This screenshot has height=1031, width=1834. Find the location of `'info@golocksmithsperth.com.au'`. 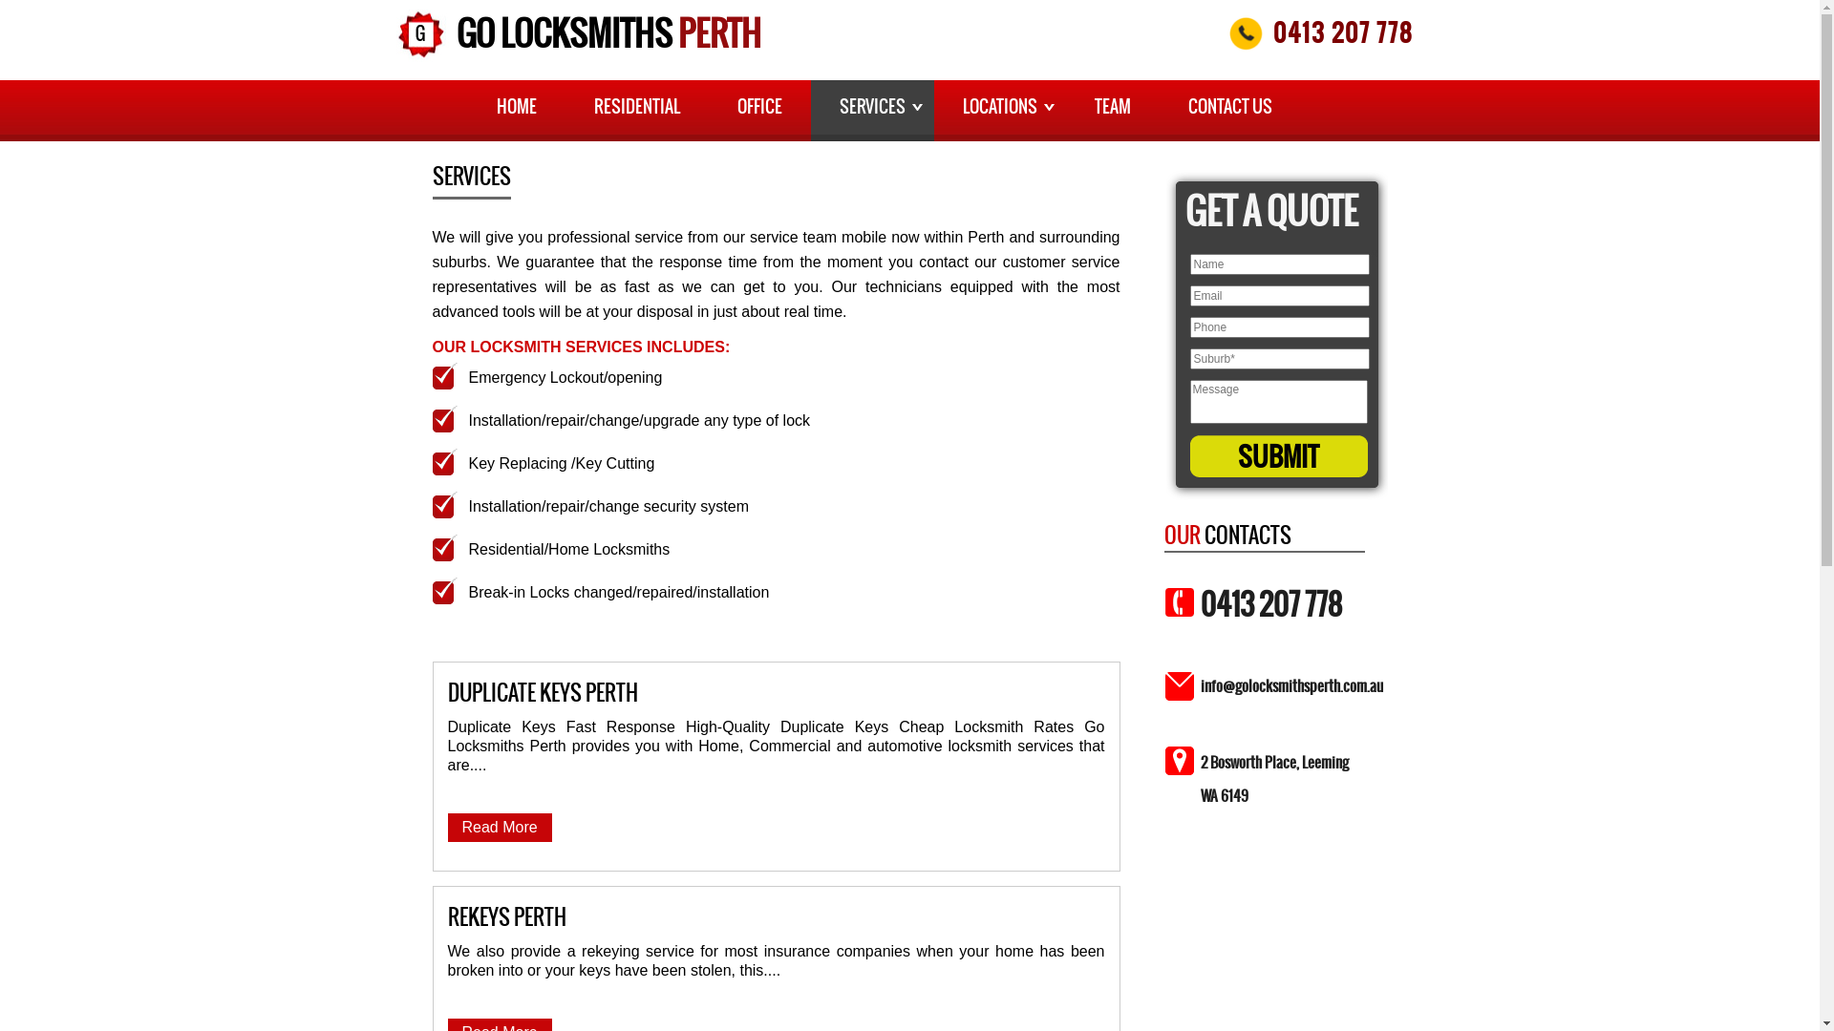

'info@golocksmithsperth.com.au' is located at coordinates (1290, 684).